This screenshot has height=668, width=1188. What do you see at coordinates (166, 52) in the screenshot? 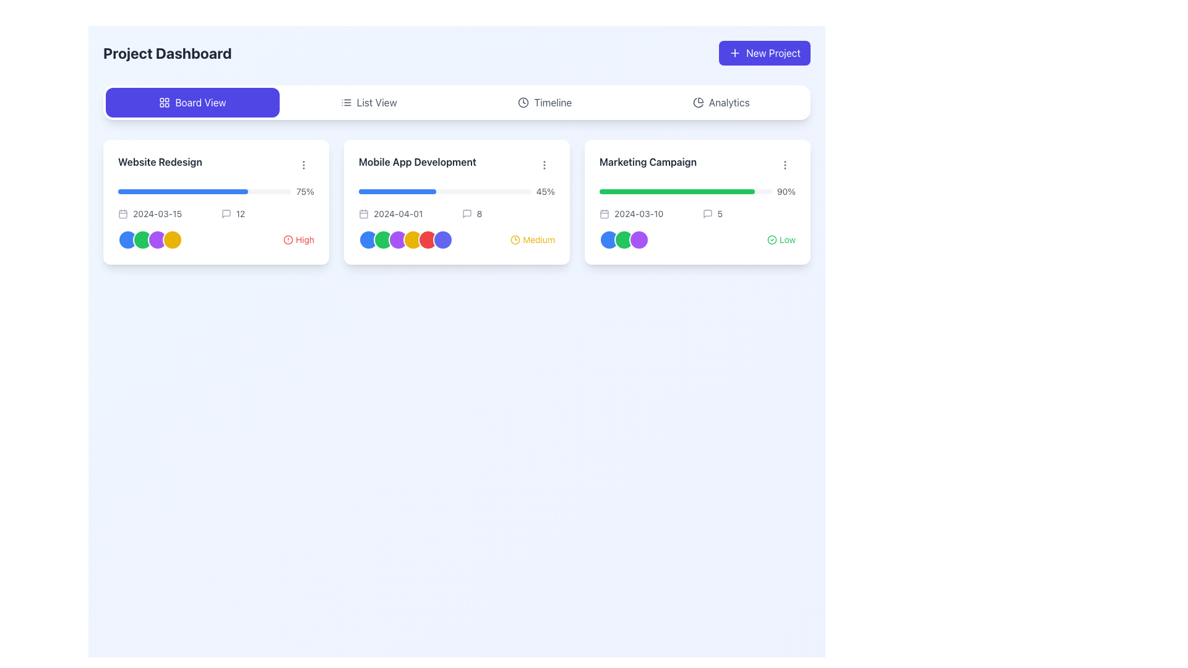
I see `the Text label that serves as a heading for the dashboard interface, located in the top-left corner, to the left of the 'New Project' button` at bounding box center [166, 52].